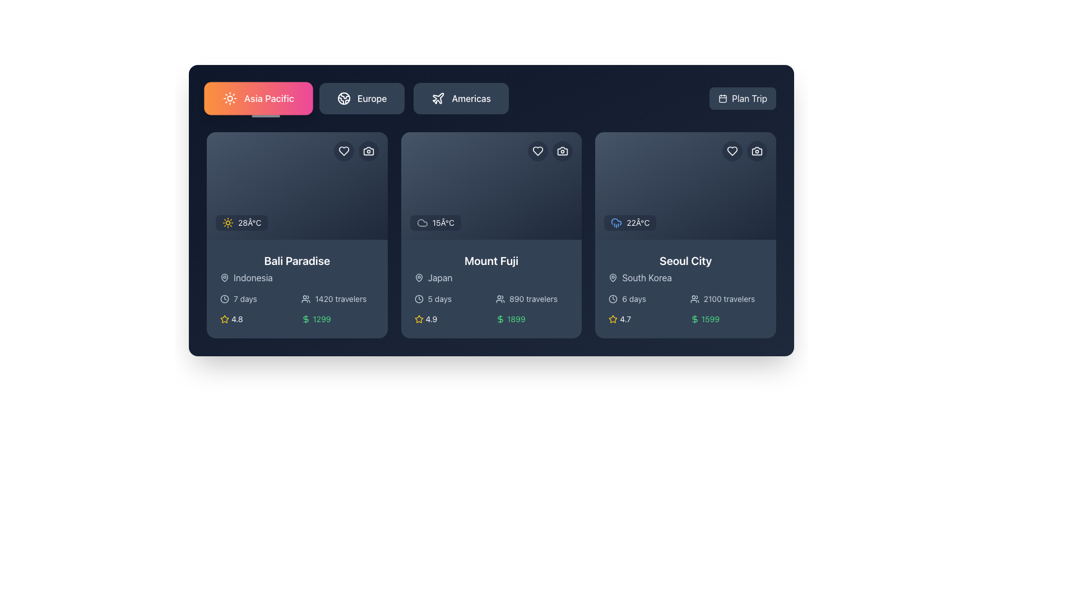 The width and height of the screenshot is (1076, 605). Describe the element at coordinates (224, 277) in the screenshot. I see `the location icon in the first card, positioned near the top-left corner, indicating geographical locations on the map` at that location.